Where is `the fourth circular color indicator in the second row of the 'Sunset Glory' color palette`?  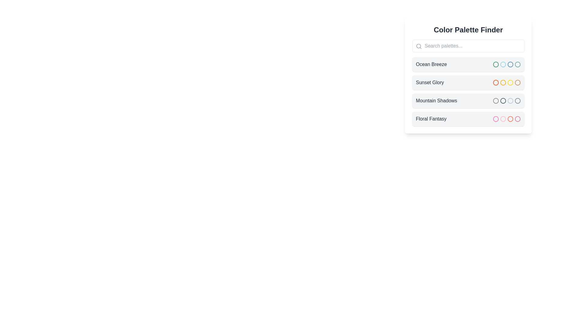 the fourth circular color indicator in the second row of the 'Sunset Glory' color palette is located at coordinates (510, 83).